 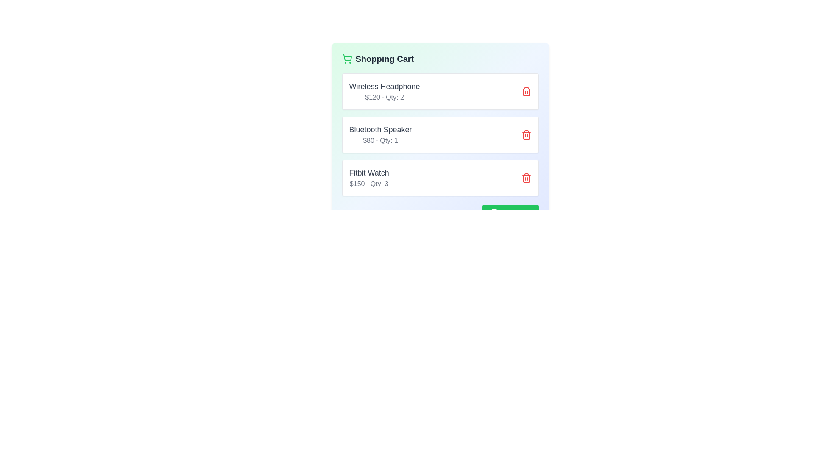 I want to click on the purchase button to initiate the purchase process, so click(x=510, y=212).